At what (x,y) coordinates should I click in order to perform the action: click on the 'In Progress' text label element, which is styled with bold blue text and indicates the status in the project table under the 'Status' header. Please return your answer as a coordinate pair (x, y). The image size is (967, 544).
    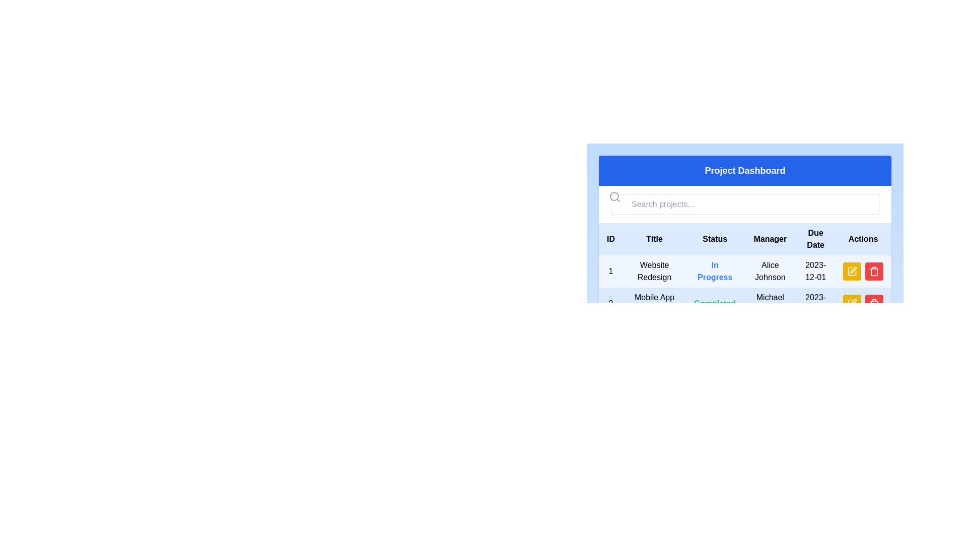
    Looking at the image, I should click on (714, 271).